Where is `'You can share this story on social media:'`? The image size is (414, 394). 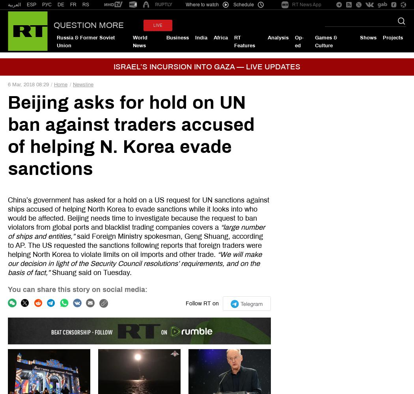
'You can share this story on social media:' is located at coordinates (77, 289).